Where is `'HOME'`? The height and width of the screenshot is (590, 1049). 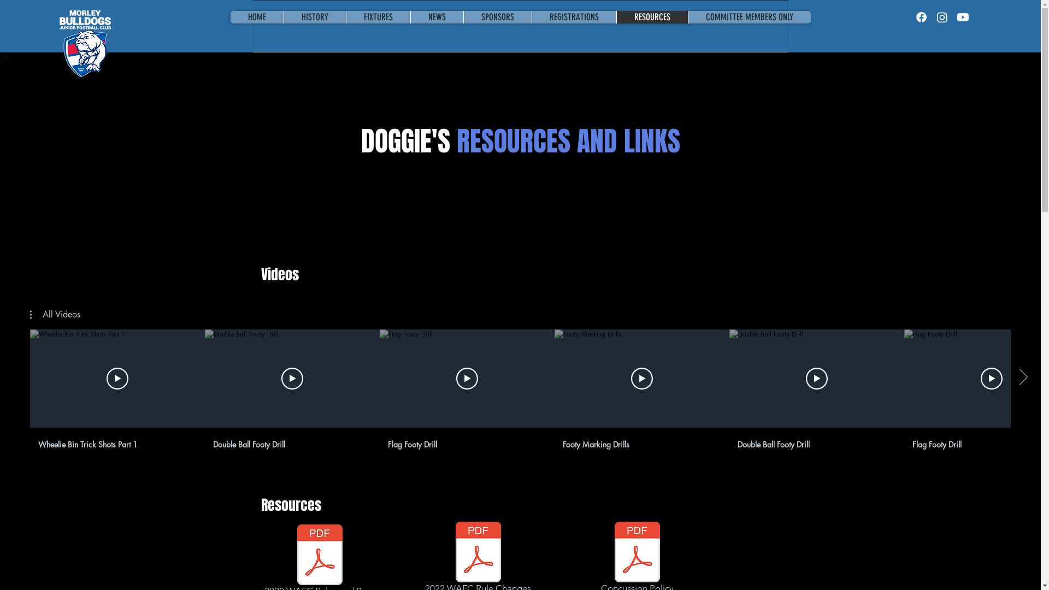
'HOME' is located at coordinates (230, 17).